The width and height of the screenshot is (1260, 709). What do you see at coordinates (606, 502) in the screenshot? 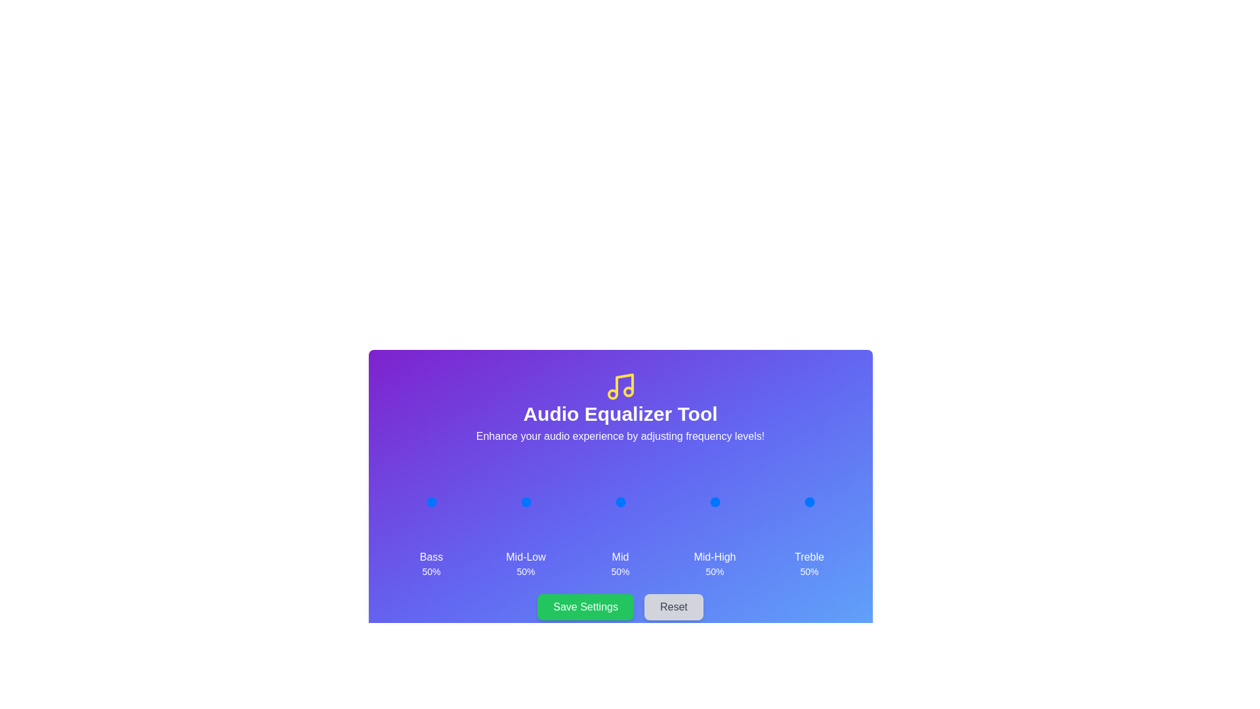
I see `the 2 slider to 19%` at bounding box center [606, 502].